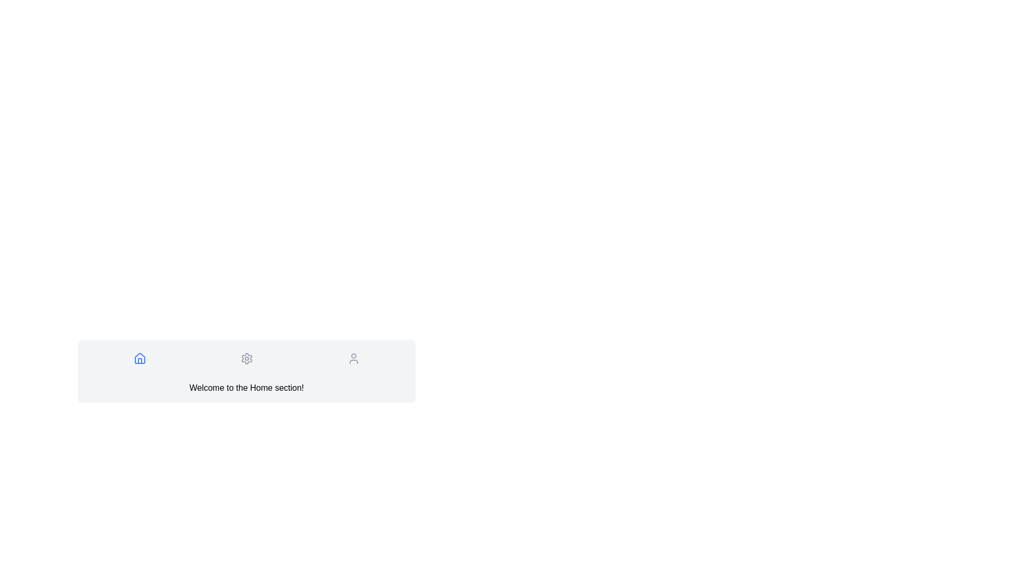 The width and height of the screenshot is (1011, 568). What do you see at coordinates (246, 358) in the screenshot?
I see `the settings icon located at the center of the horizontal navigation bar at the bottom of the interface` at bounding box center [246, 358].